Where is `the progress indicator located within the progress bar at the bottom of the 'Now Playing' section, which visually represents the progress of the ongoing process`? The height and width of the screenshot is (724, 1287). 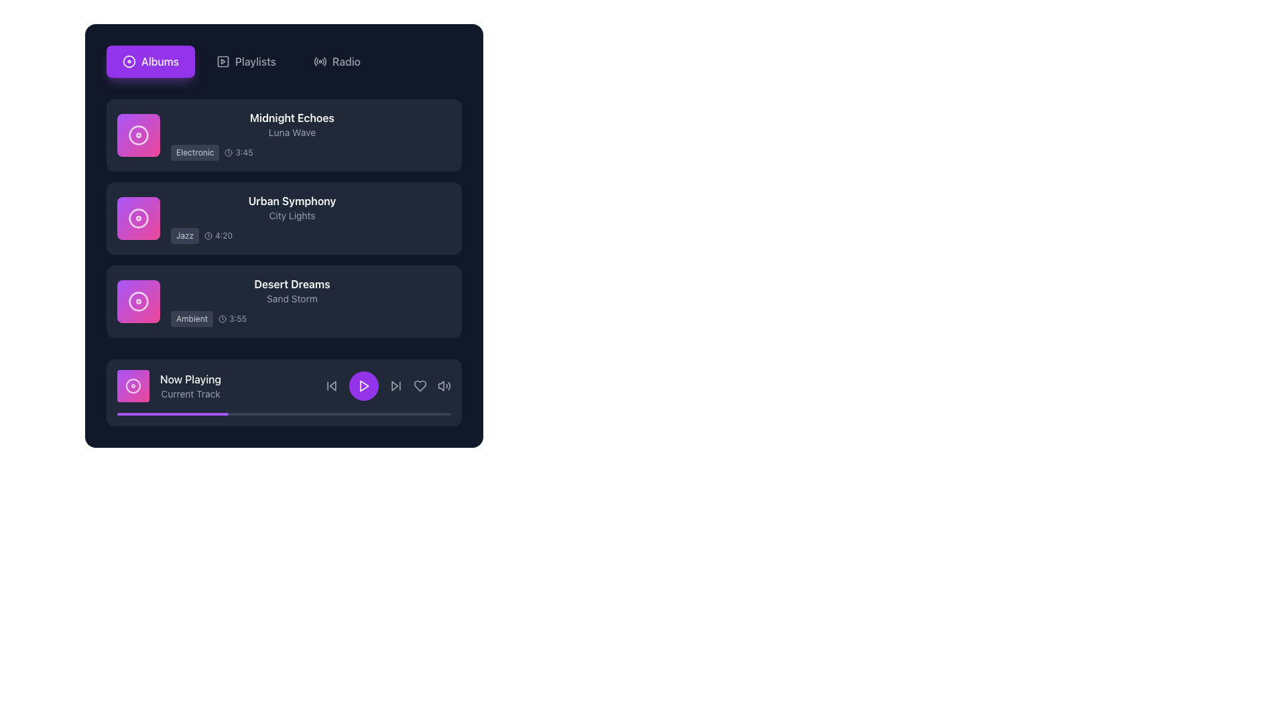
the progress indicator located within the progress bar at the bottom of the 'Now Playing' section, which visually represents the progress of the ongoing process is located at coordinates (172, 413).